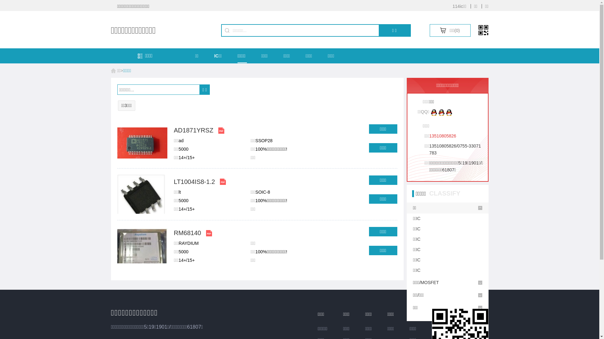 This screenshot has height=339, width=604. I want to click on 'LT1004IS8-1.2', so click(194, 181).